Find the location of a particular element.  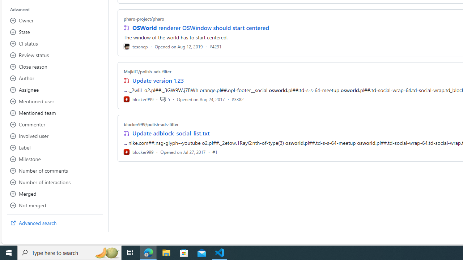

'blocker999' is located at coordinates (139, 151).